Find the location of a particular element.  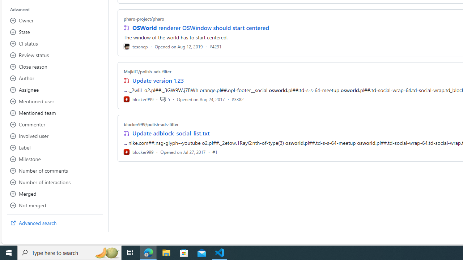

'blocker999' is located at coordinates (139, 151).